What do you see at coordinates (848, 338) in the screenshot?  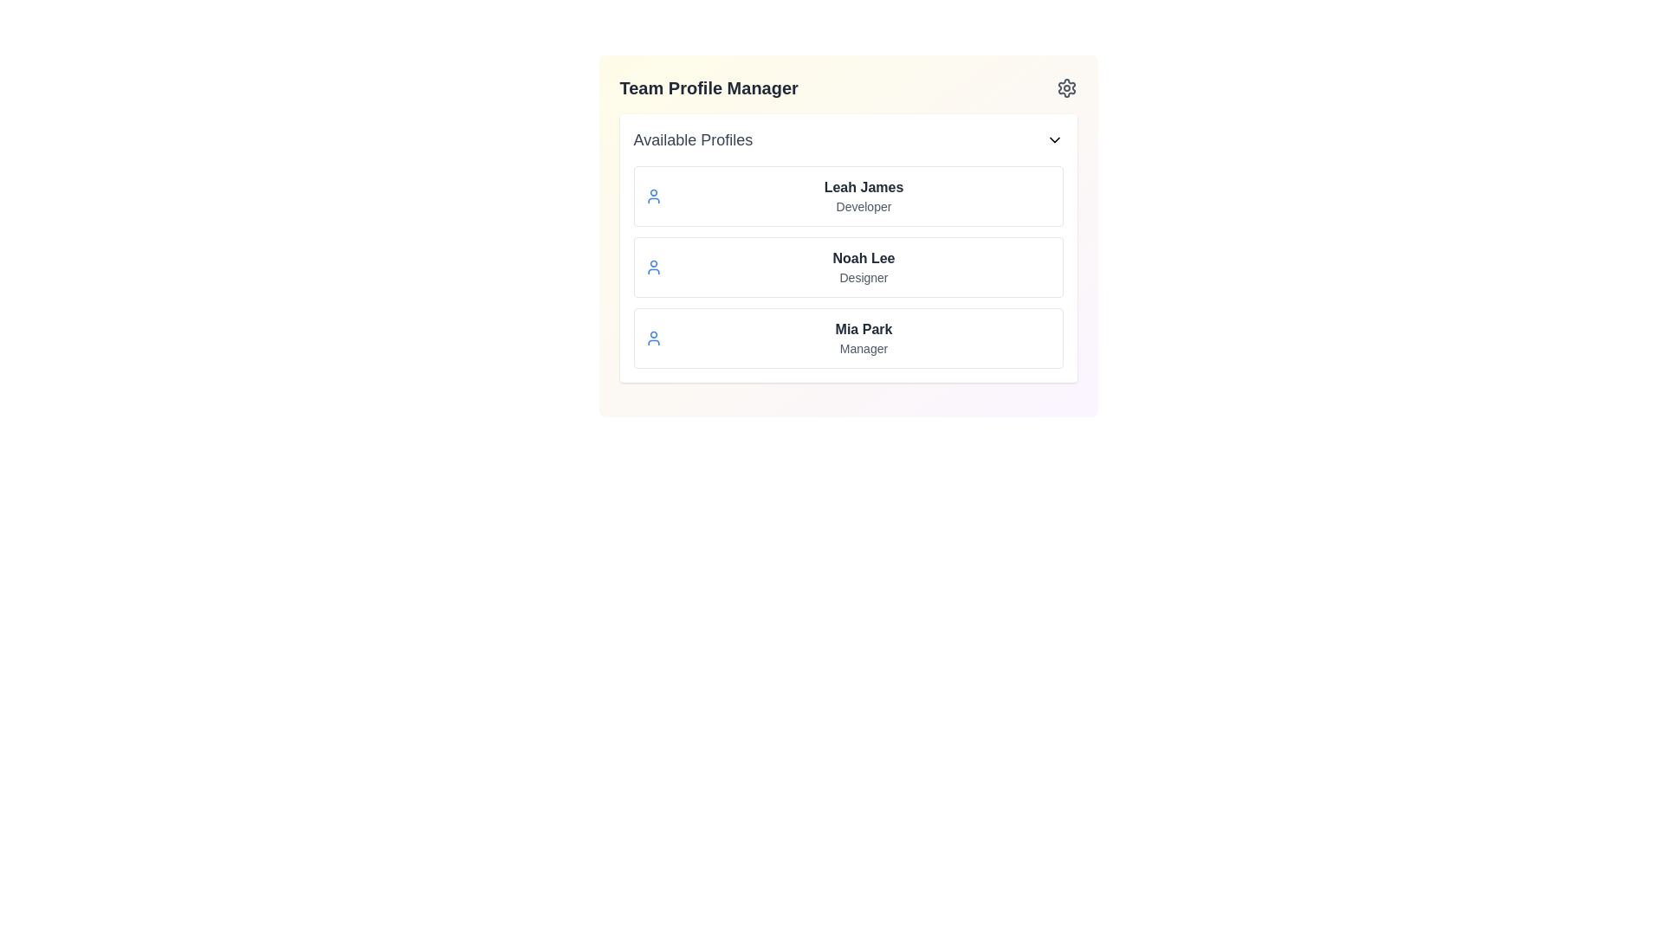 I see `the selectable profile for 'Mia Park', designated as 'Manager'` at bounding box center [848, 338].